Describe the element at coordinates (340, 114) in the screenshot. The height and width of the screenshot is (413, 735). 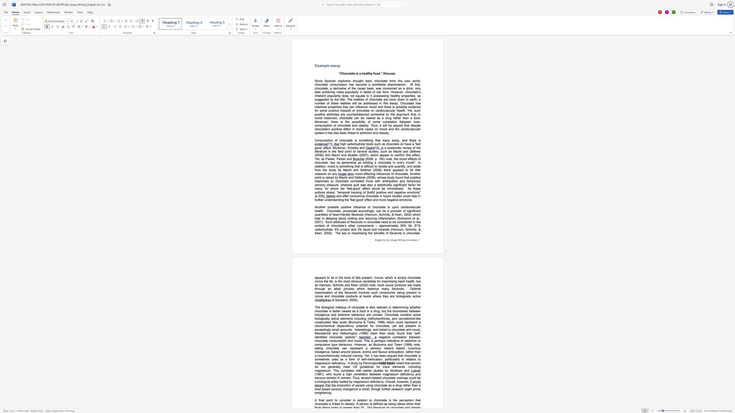
I see `the subset text "are counterbala" within the text "for some positive impacts of chocolate on cardiovascular health. Yet, such positive attributes are counterbalanced"` at that location.